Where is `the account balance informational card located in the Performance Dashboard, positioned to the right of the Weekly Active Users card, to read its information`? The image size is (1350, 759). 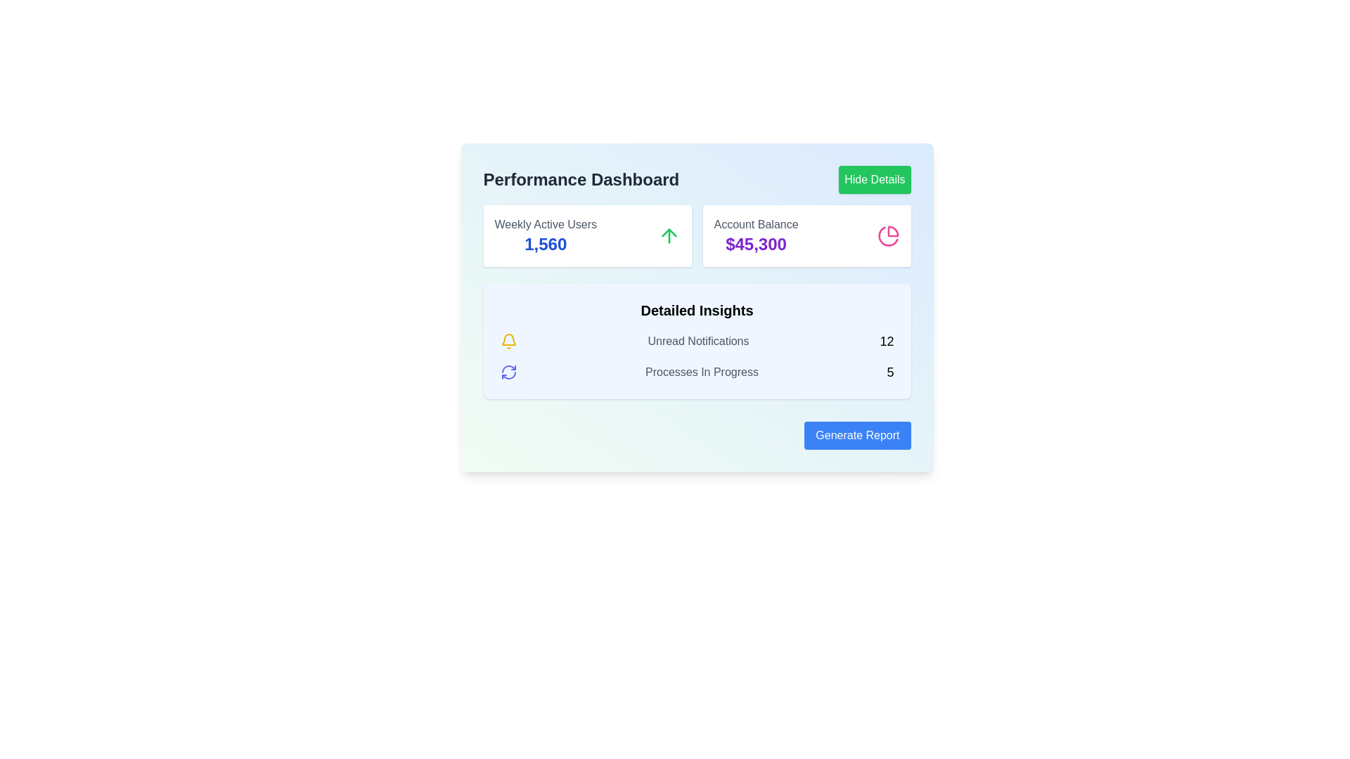
the account balance informational card located in the Performance Dashboard, positioned to the right of the Weekly Active Users card, to read its information is located at coordinates (806, 235).